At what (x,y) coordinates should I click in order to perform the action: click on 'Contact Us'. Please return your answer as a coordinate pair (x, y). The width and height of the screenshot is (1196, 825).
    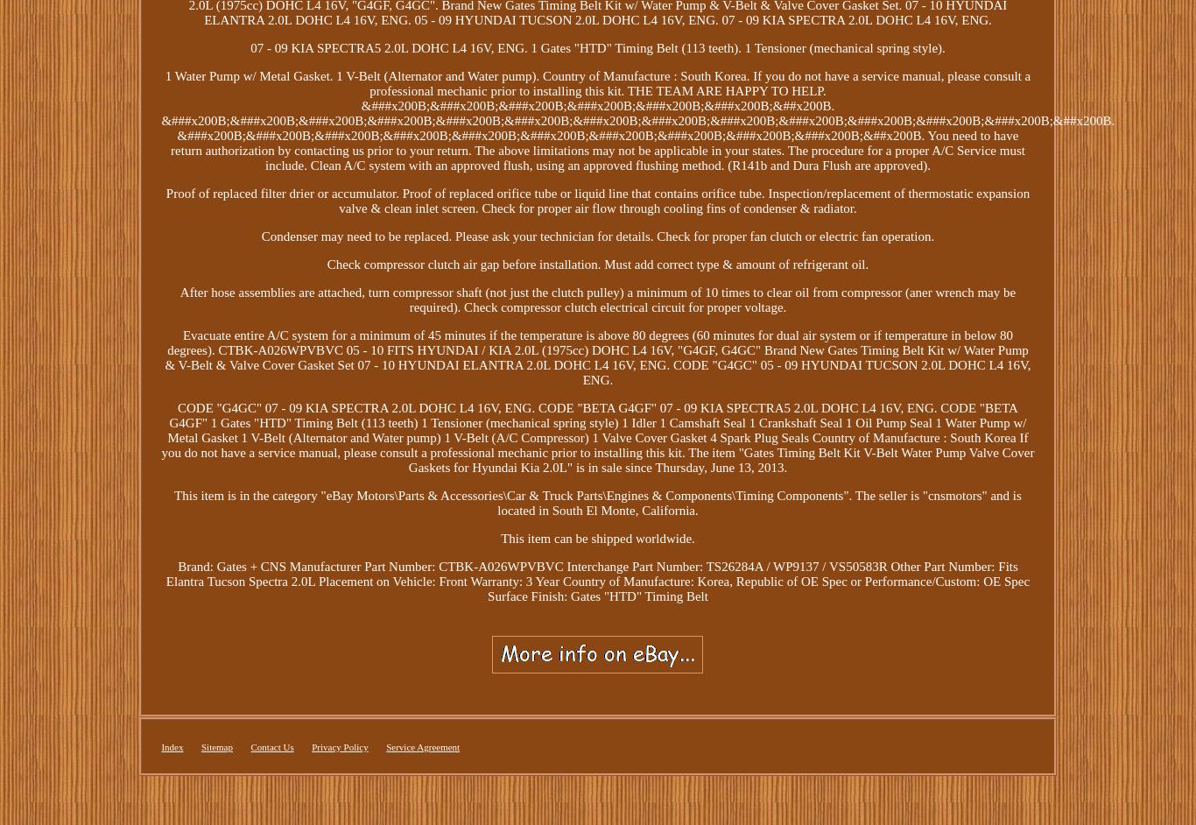
    Looking at the image, I should click on (271, 746).